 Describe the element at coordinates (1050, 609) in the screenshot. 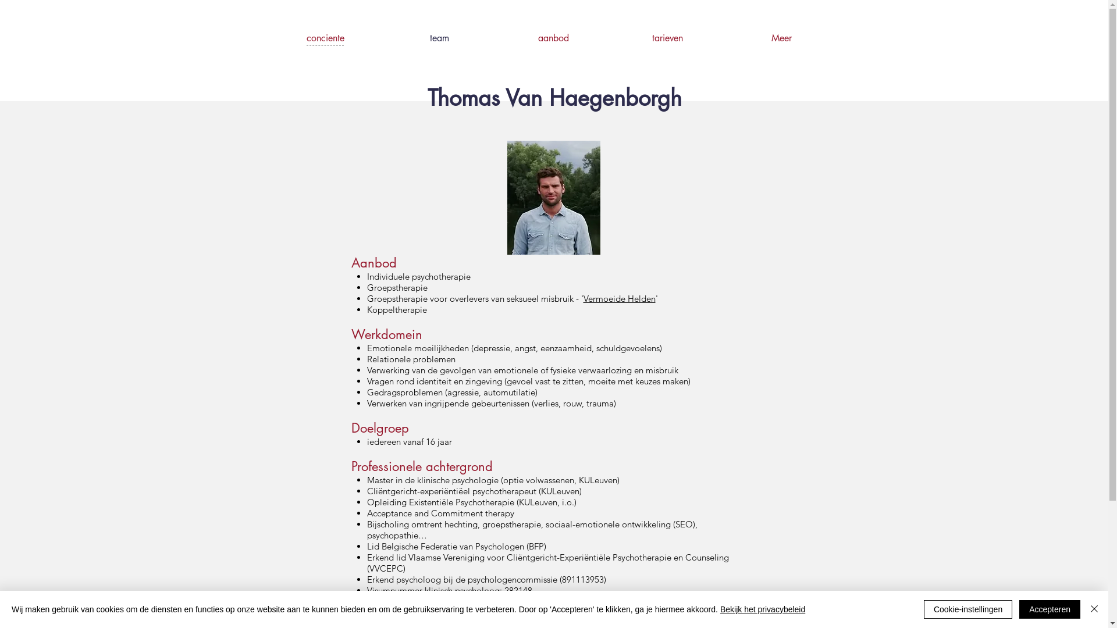

I see `'Accepteren'` at that location.